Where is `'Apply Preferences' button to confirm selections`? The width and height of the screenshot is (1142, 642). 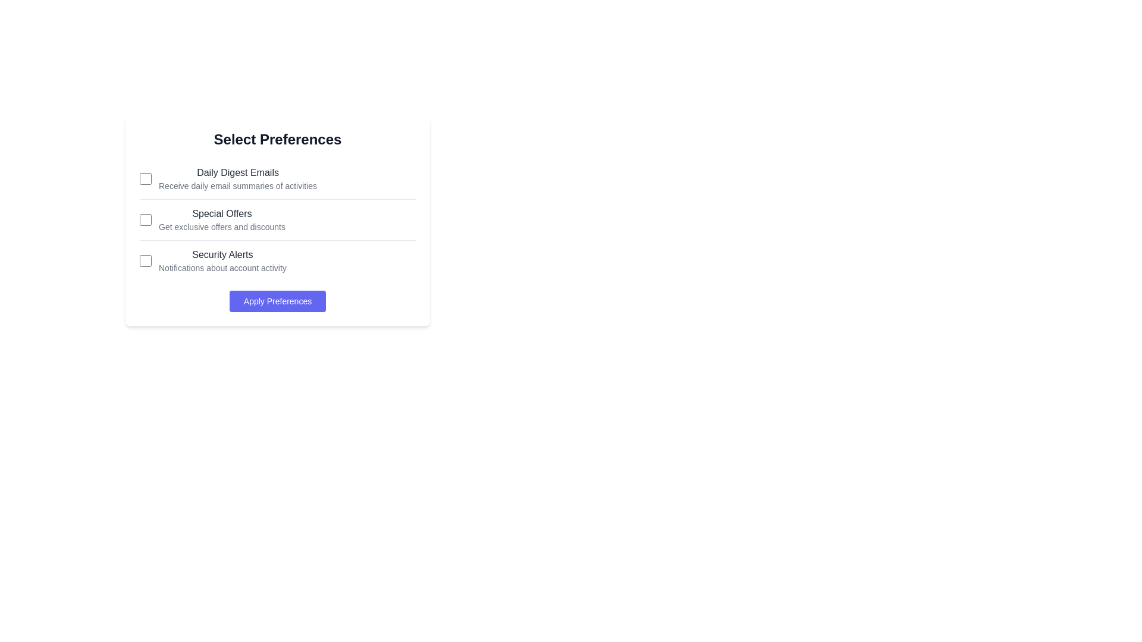 'Apply Preferences' button to confirm selections is located at coordinates (277, 300).